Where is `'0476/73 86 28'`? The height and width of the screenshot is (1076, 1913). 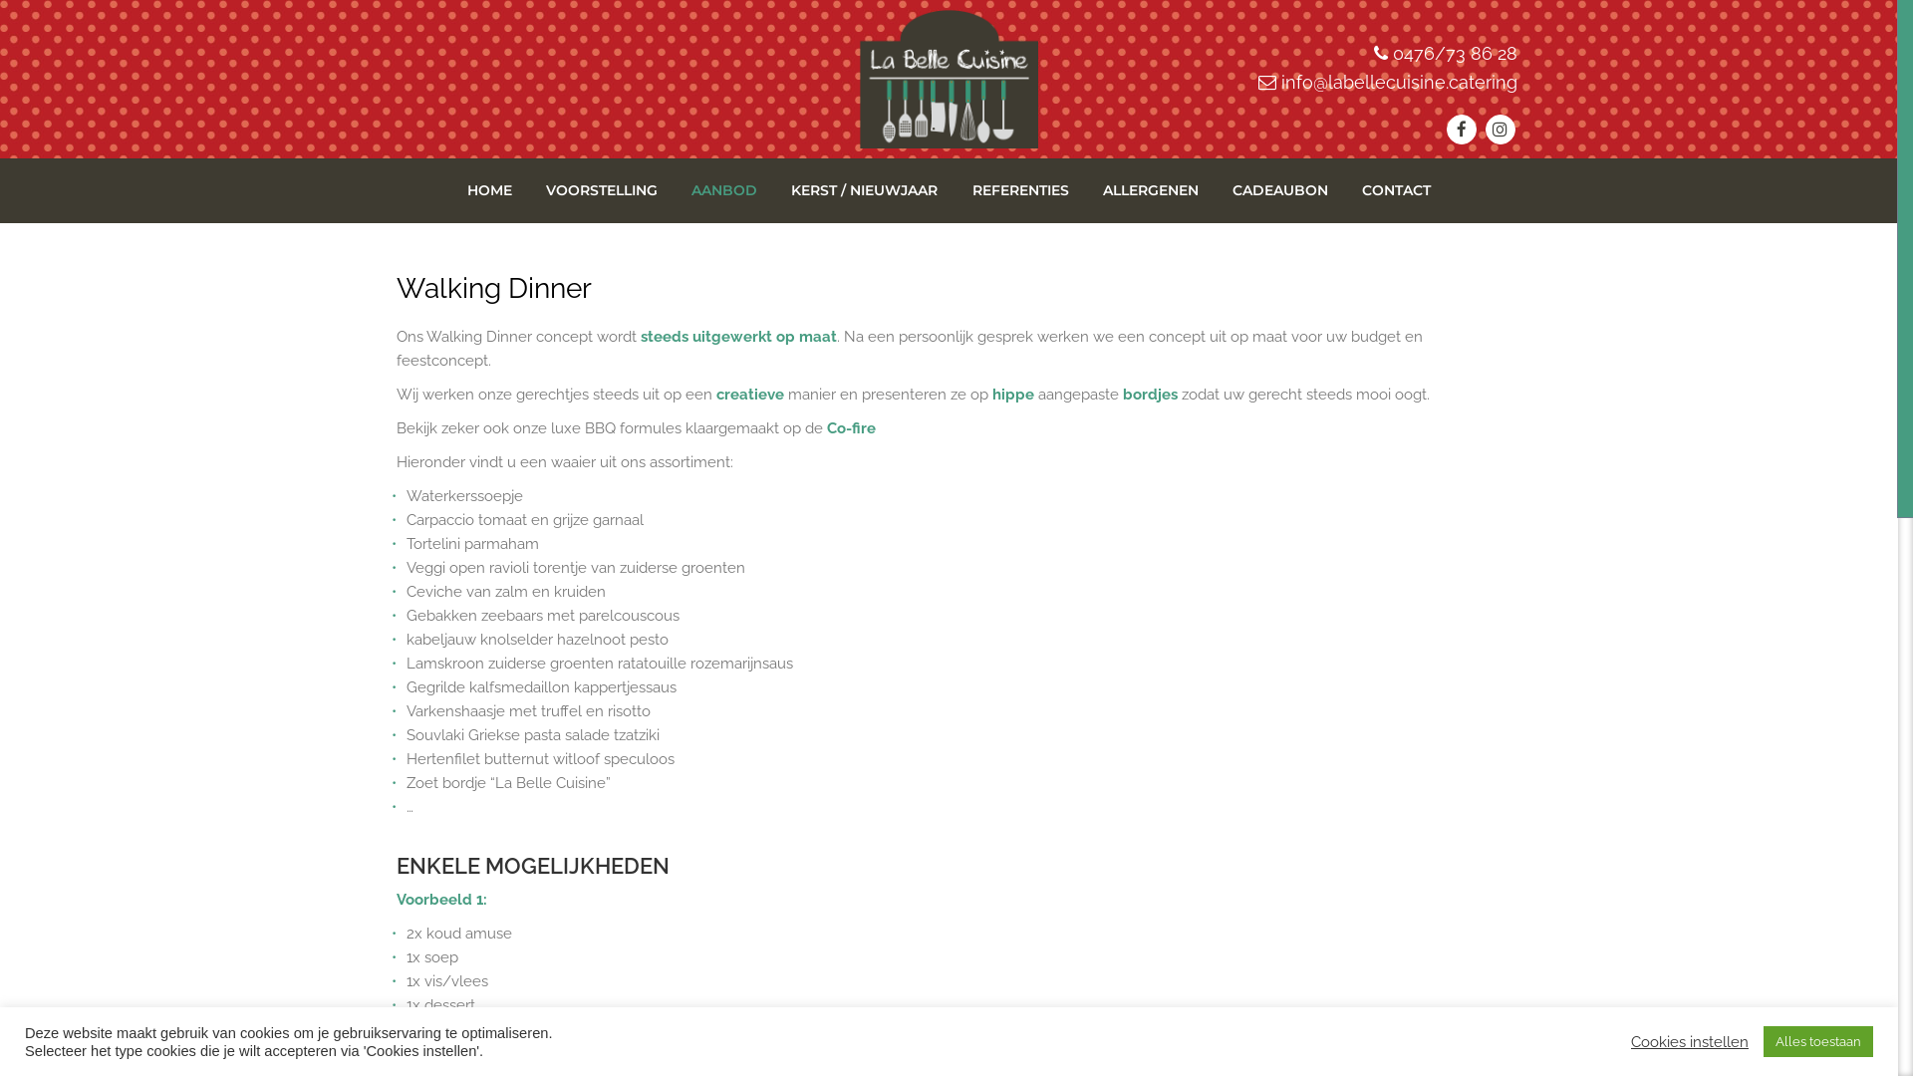
'0476/73 86 28' is located at coordinates (1391, 52).